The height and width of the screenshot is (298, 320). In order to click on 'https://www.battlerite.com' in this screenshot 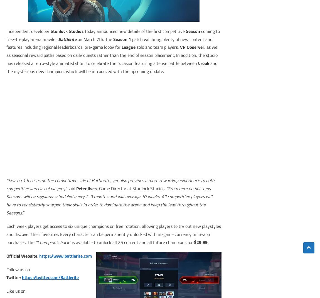, I will do `click(65, 255)`.